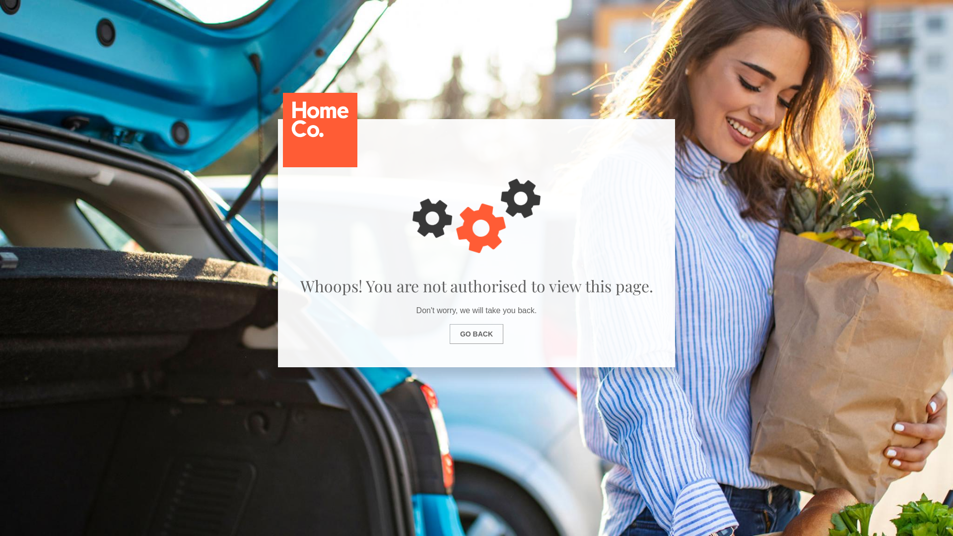 This screenshot has height=536, width=953. What do you see at coordinates (476, 334) in the screenshot?
I see `'GO BACK'` at bounding box center [476, 334].